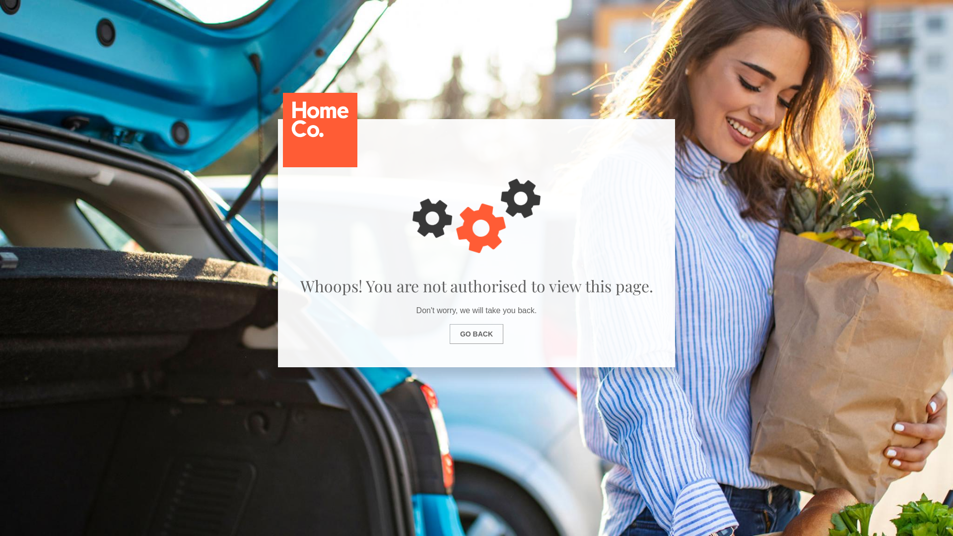 This screenshot has height=536, width=953. What do you see at coordinates (476, 334) in the screenshot?
I see `'GO BACK'` at bounding box center [476, 334].